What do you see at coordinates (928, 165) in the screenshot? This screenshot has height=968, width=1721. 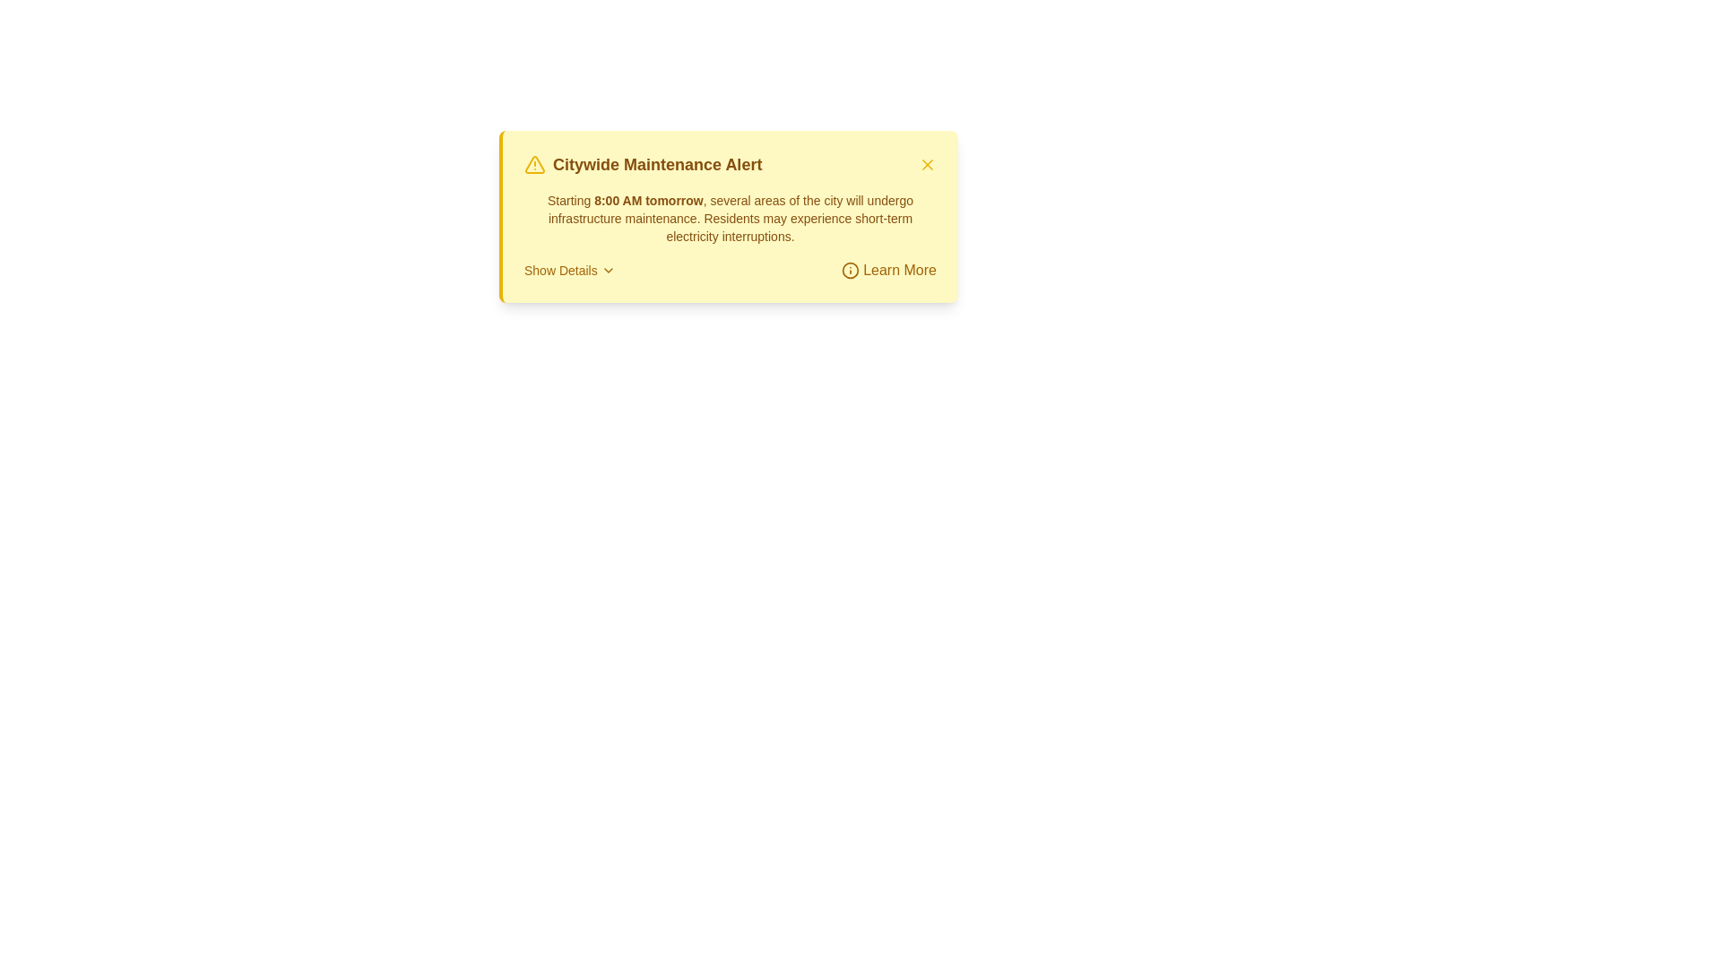 I see `the dismiss button located at the top-right corner of the 'Citywide Maintenance Alert' notification to observe a color change` at bounding box center [928, 165].